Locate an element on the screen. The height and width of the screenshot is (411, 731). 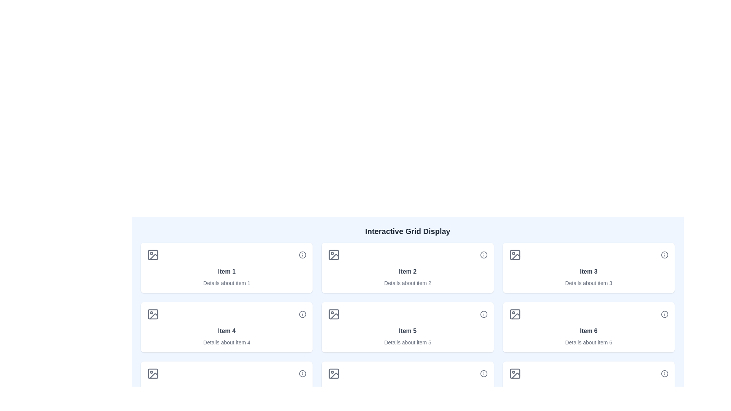
the descriptive text content located in the second row, third column of the grid layout is located at coordinates (588, 336).